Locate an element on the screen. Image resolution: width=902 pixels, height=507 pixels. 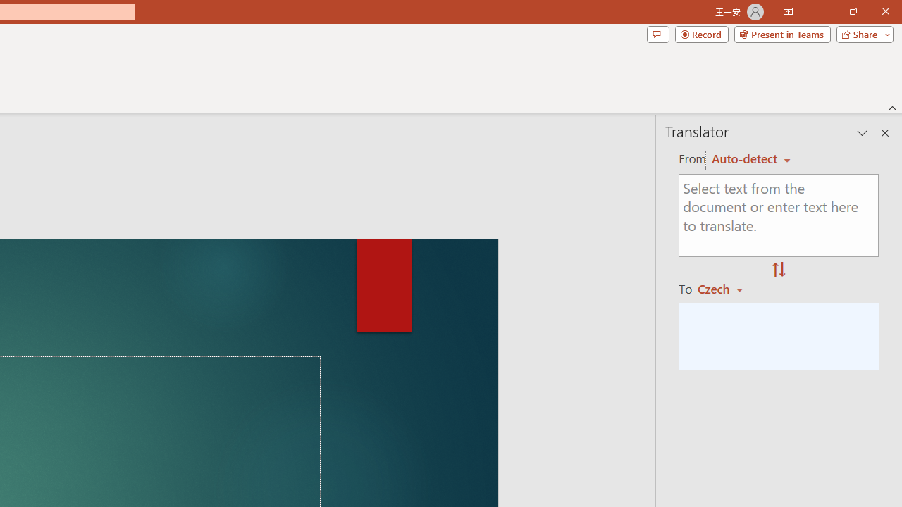
'Czech' is located at coordinates (727, 288).